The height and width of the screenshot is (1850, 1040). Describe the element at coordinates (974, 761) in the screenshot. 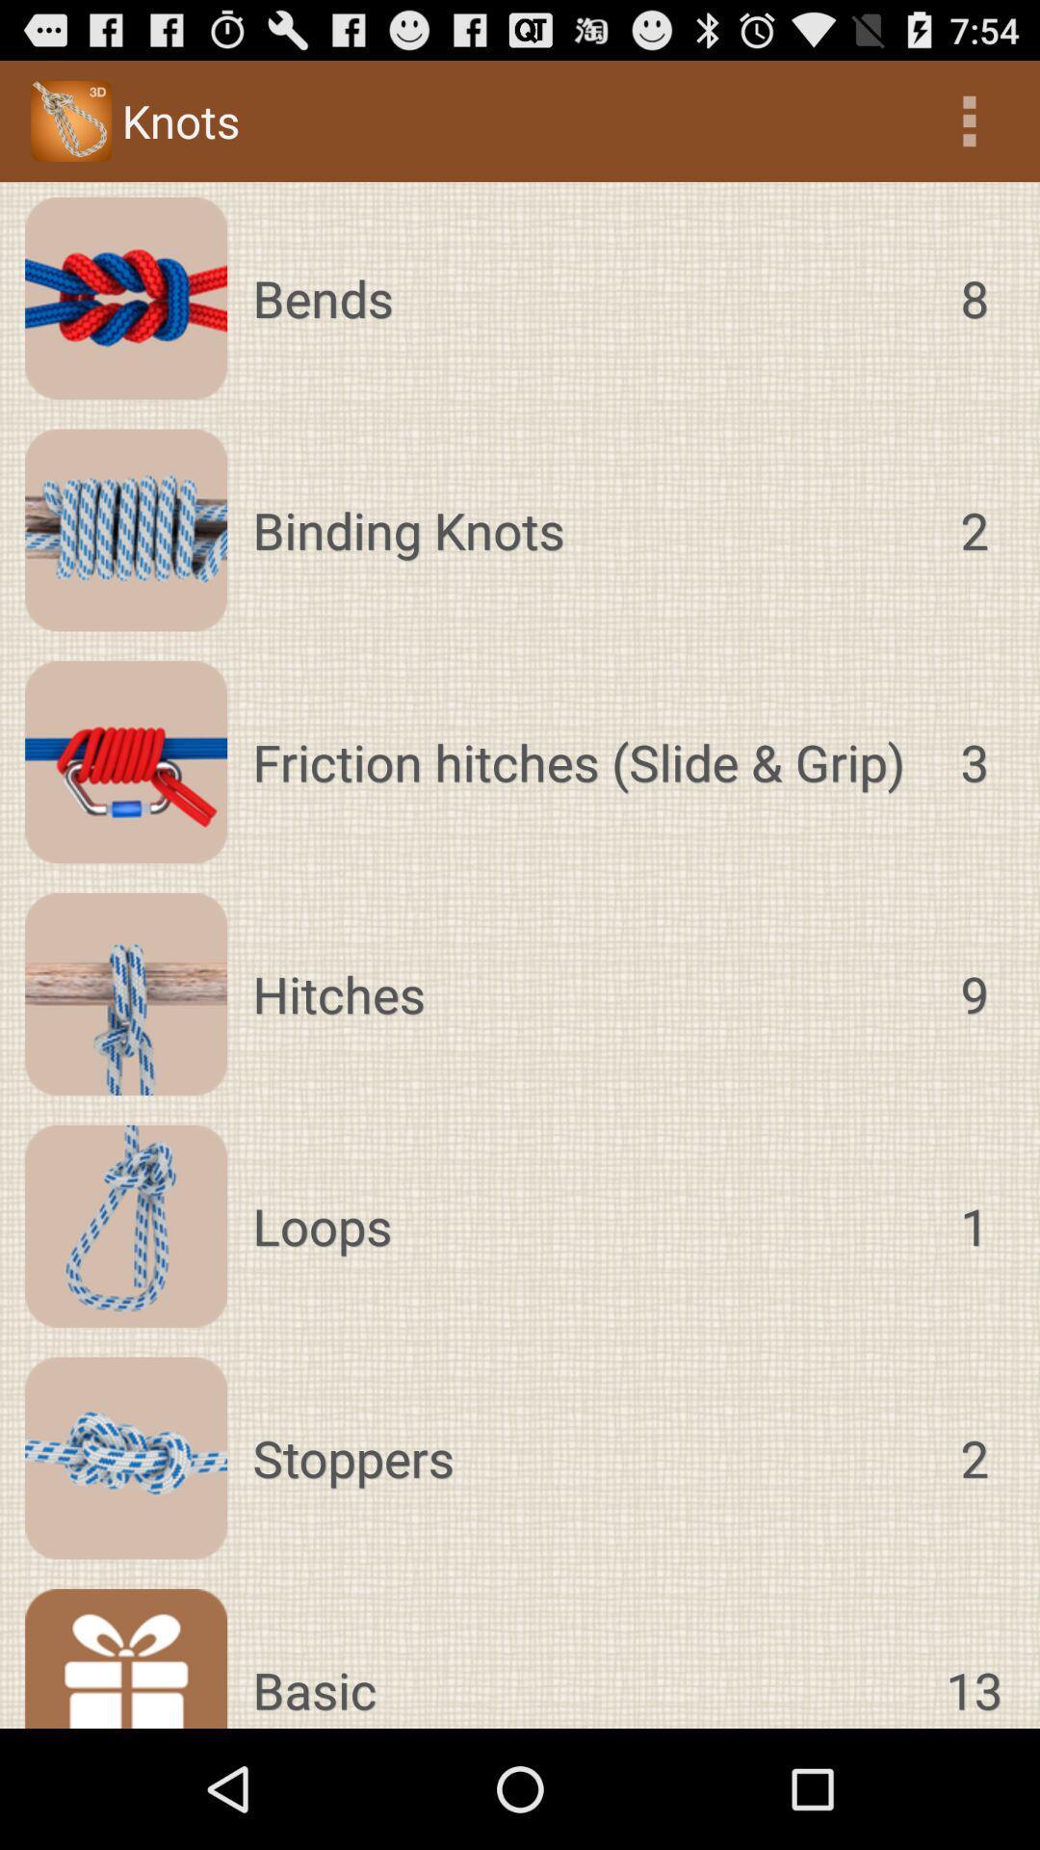

I see `3 icon` at that location.